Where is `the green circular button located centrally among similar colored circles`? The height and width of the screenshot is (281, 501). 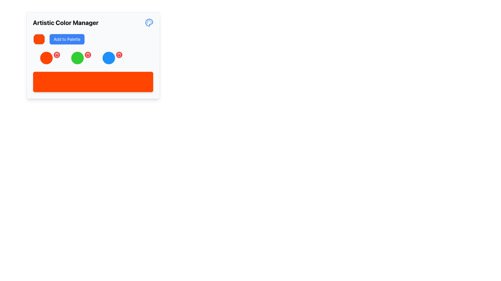 the green circular button located centrally among similar colored circles is located at coordinates (77, 58).